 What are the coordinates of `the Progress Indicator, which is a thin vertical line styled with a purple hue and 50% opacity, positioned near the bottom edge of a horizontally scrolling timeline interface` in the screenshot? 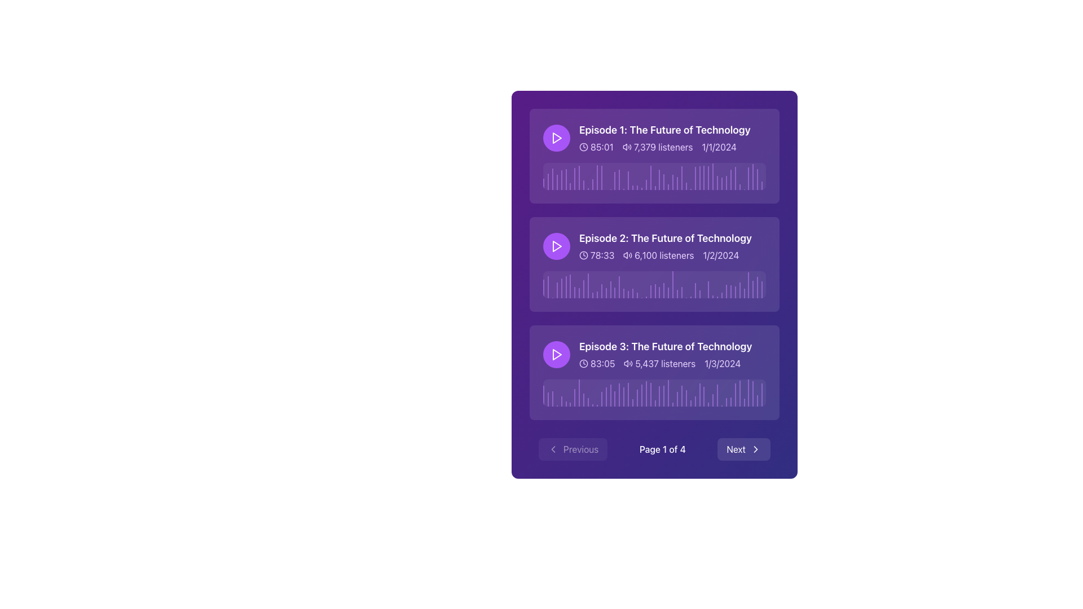 It's located at (744, 402).